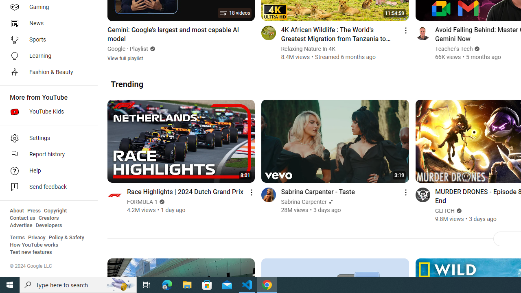  What do you see at coordinates (453, 49) in the screenshot?
I see `'Teacher'` at bounding box center [453, 49].